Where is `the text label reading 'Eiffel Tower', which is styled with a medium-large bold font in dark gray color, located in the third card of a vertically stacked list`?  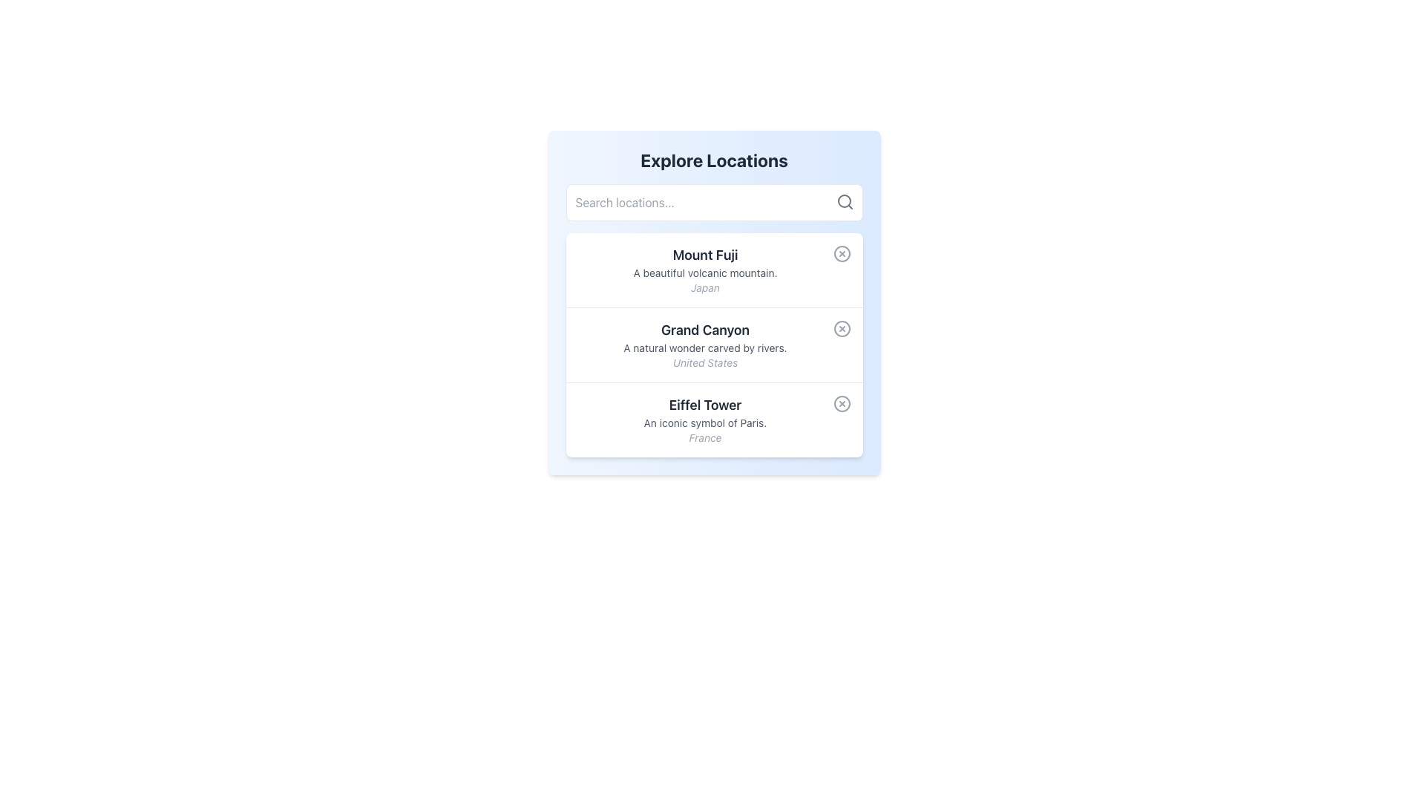
the text label reading 'Eiffel Tower', which is styled with a medium-large bold font in dark gray color, located in the third card of a vertically stacked list is located at coordinates (704, 405).